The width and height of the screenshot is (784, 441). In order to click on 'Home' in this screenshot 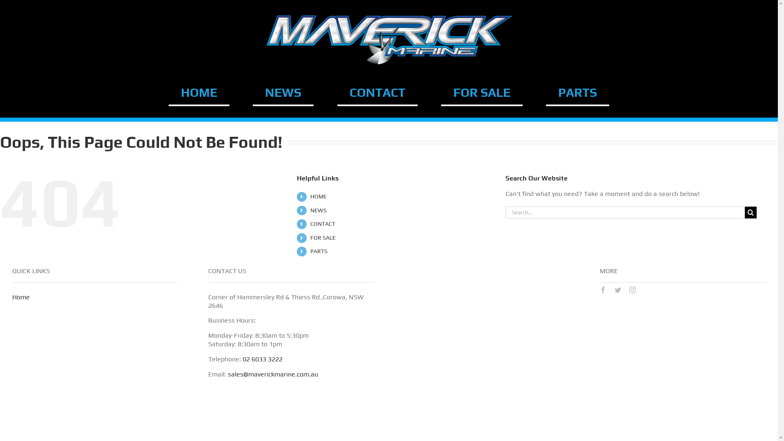, I will do `click(21, 297)`.